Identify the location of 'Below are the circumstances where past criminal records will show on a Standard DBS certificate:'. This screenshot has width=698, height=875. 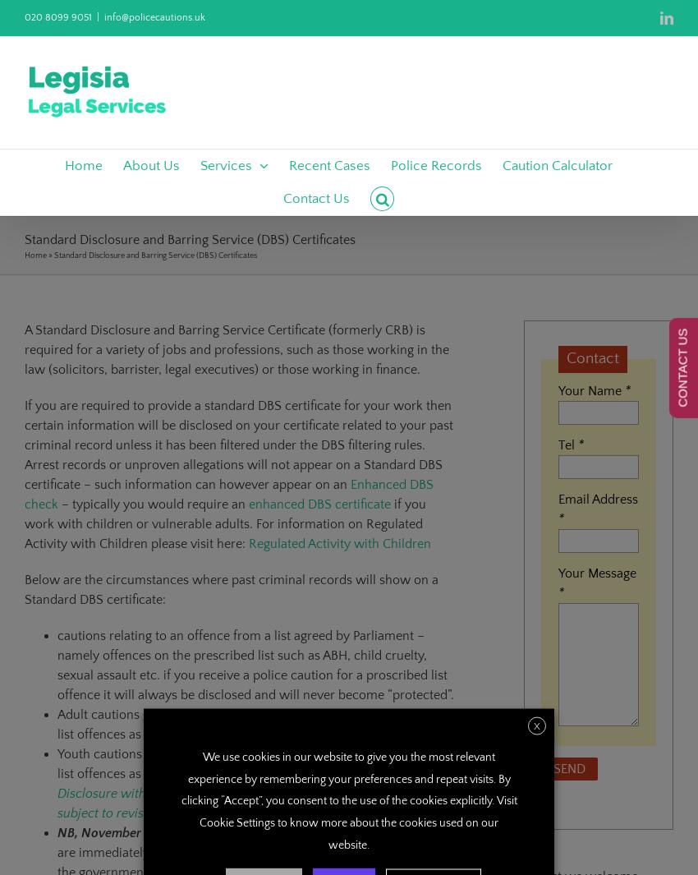
(231, 590).